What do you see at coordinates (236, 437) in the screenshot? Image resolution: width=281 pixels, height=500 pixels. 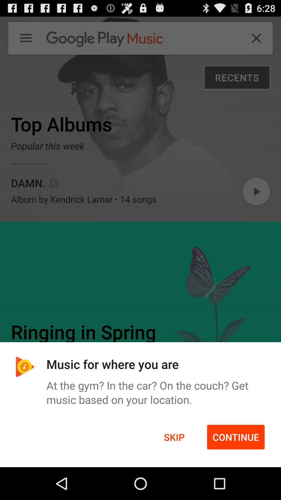 I see `item below the at the gym icon` at bounding box center [236, 437].